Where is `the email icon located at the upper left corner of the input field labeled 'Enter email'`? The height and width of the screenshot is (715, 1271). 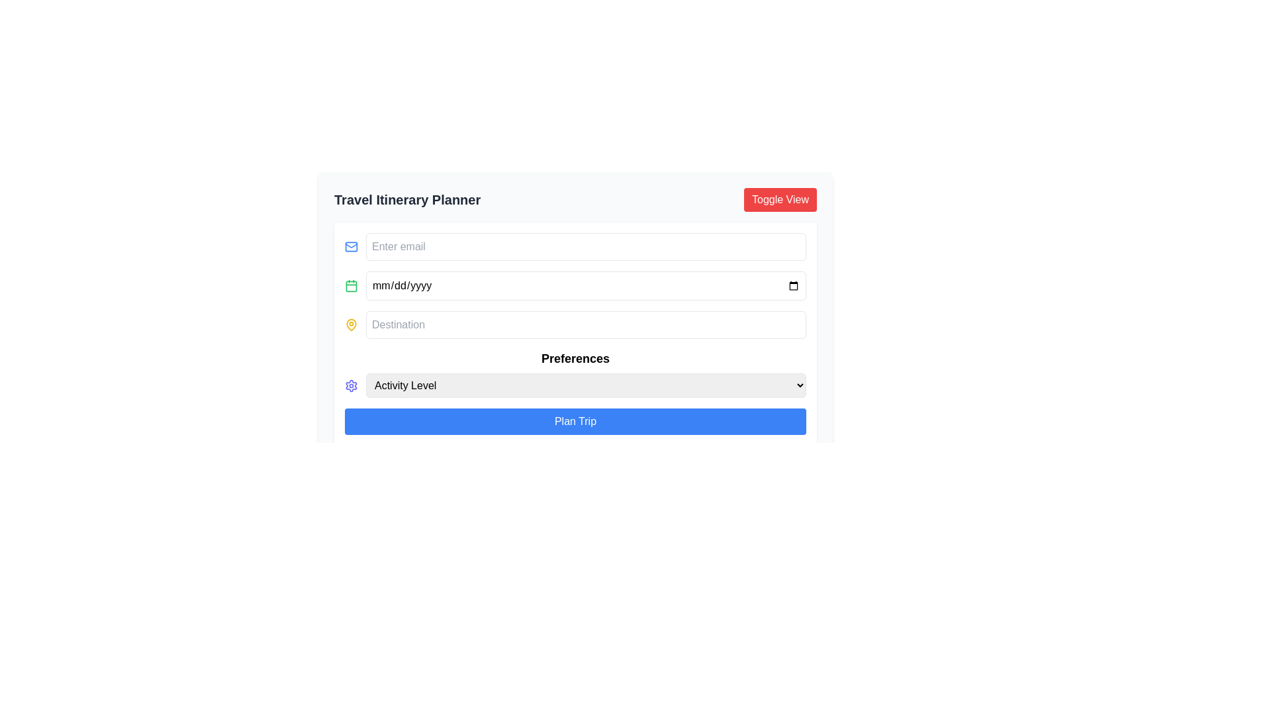 the email icon located at the upper left corner of the input field labeled 'Enter email' is located at coordinates (352, 247).